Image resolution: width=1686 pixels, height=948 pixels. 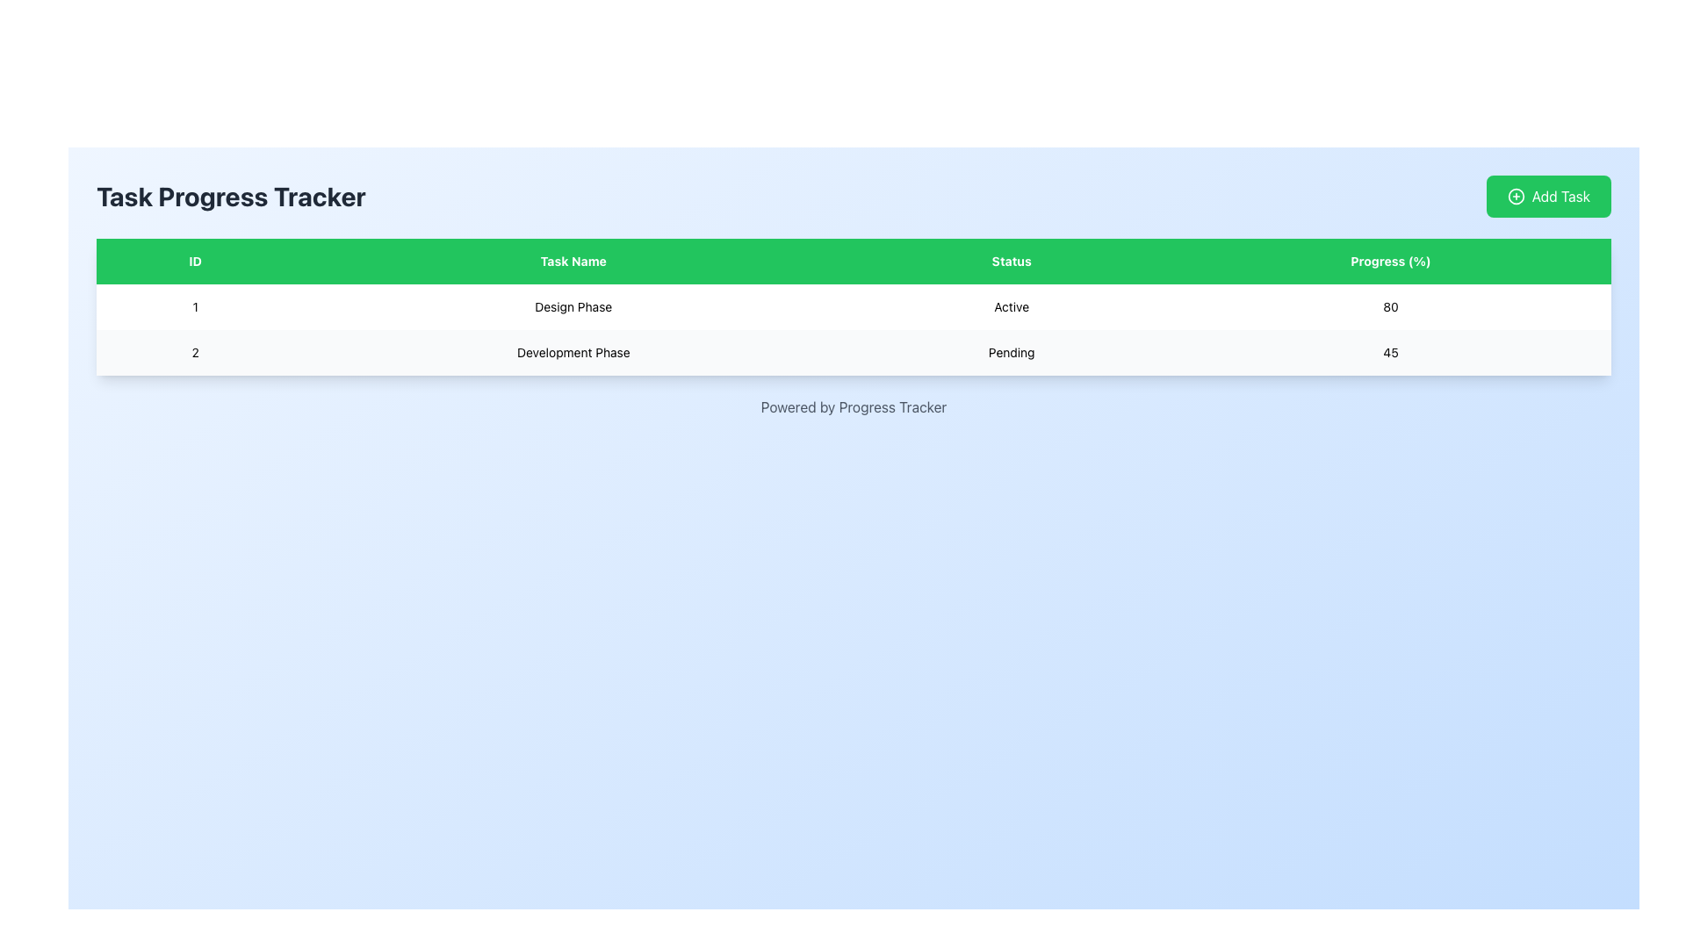 I want to click on the Text Label in the second column of the first data row of the task management system table, which represents the name of a task phase, so click(x=573, y=306).